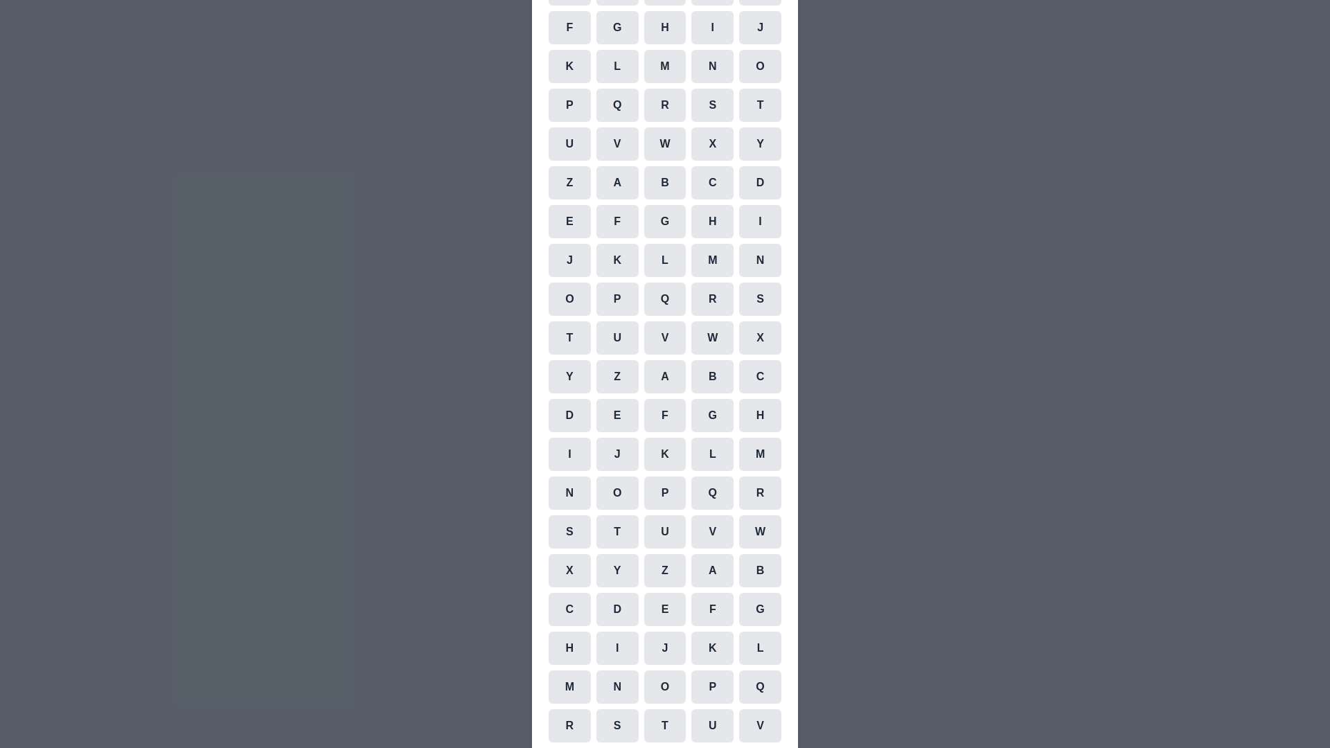  I want to click on the cell representing the character V, so click(617, 144).